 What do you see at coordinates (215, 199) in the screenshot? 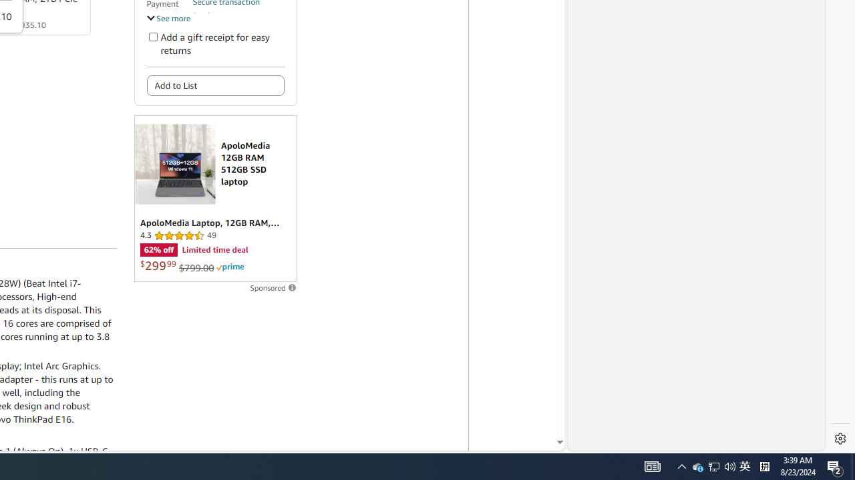
I see `'Sponsored ad'` at bounding box center [215, 199].